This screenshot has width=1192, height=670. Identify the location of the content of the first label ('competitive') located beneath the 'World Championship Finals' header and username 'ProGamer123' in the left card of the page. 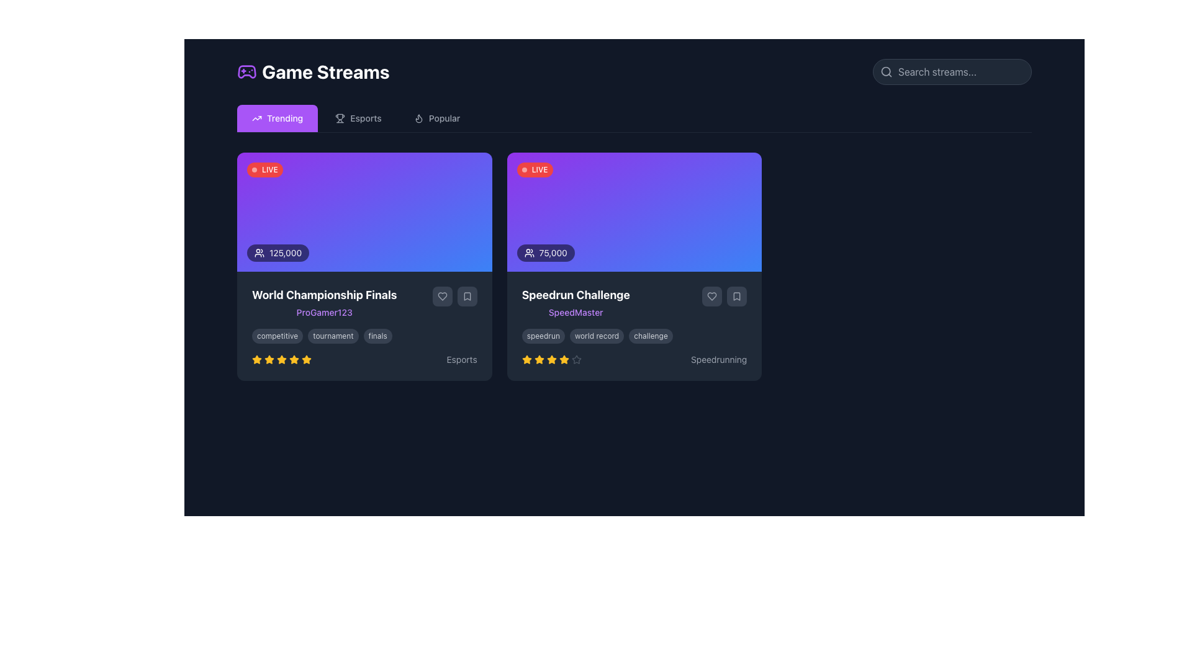
(277, 336).